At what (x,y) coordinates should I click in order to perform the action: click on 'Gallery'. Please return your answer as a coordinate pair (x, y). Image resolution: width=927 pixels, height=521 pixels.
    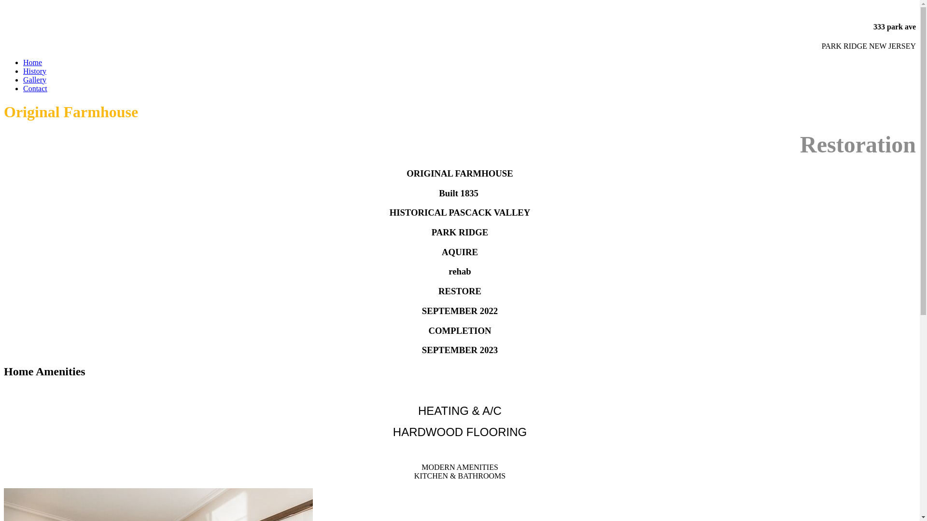
    Looking at the image, I should click on (35, 79).